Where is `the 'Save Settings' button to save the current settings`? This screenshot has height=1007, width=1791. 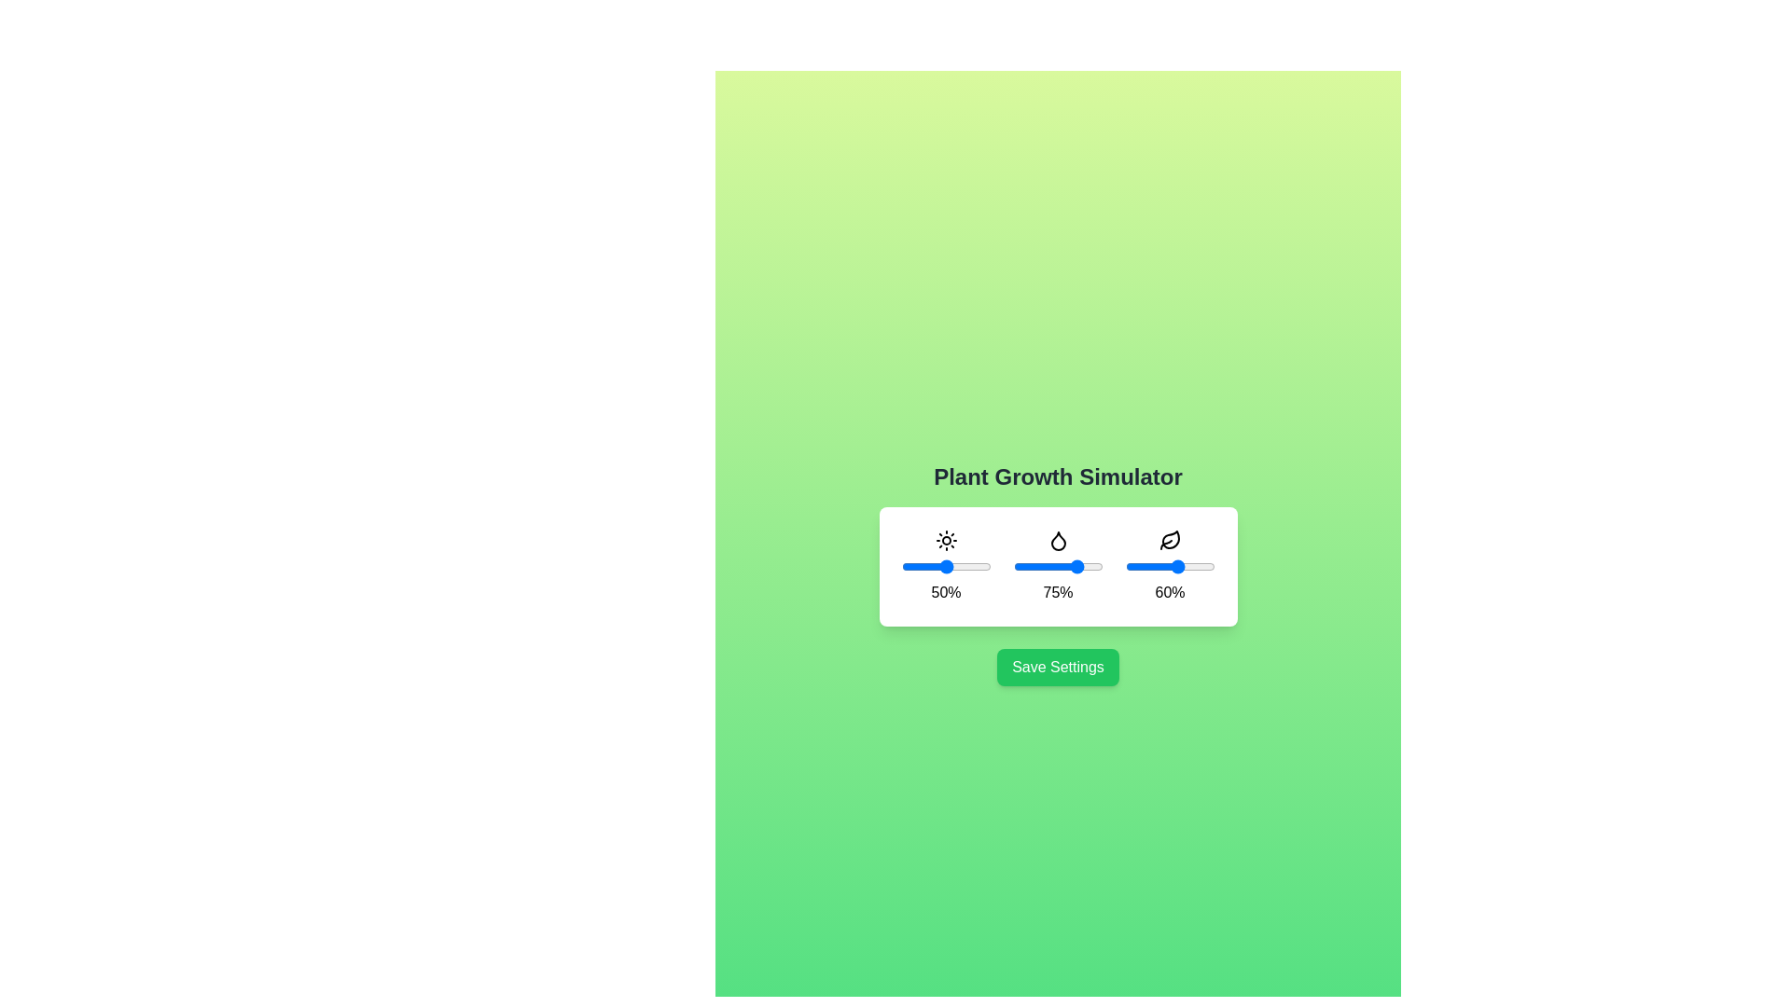
the 'Save Settings' button to save the current settings is located at coordinates (1058, 667).